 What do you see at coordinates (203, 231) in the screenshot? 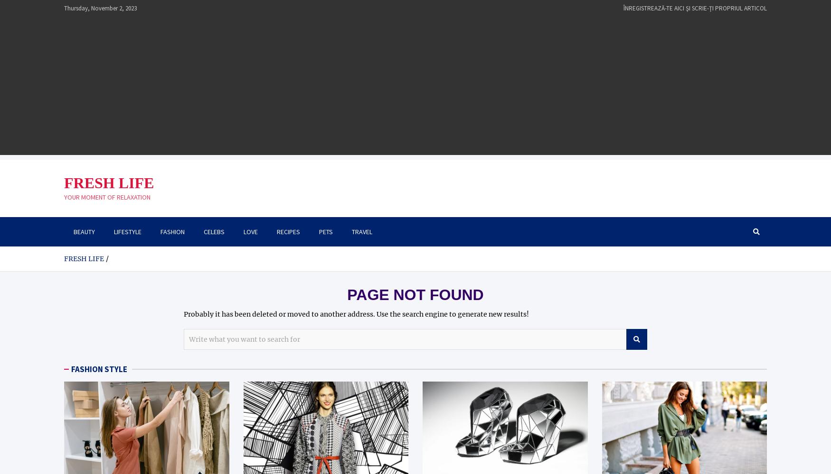
I see `'CELEBS'` at bounding box center [203, 231].